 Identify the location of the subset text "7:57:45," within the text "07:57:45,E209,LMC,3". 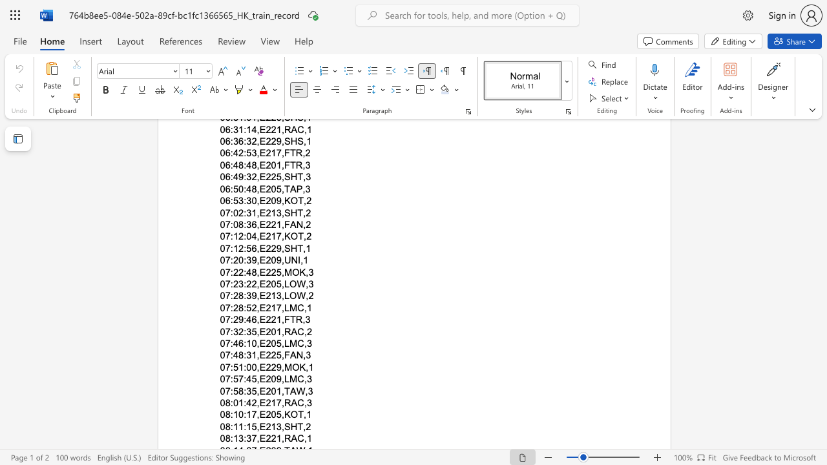
(225, 378).